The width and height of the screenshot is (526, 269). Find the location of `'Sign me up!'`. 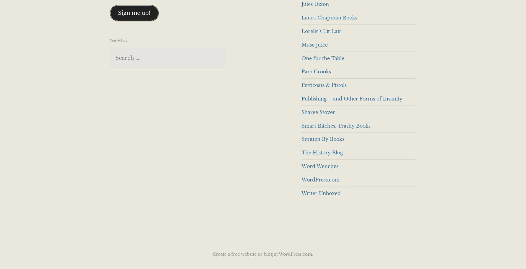

'Sign me up!' is located at coordinates (118, 12).